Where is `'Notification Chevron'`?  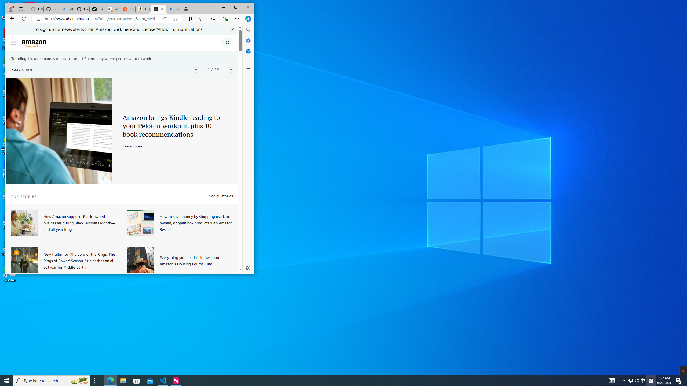
'Notification Chevron' is located at coordinates (624, 380).